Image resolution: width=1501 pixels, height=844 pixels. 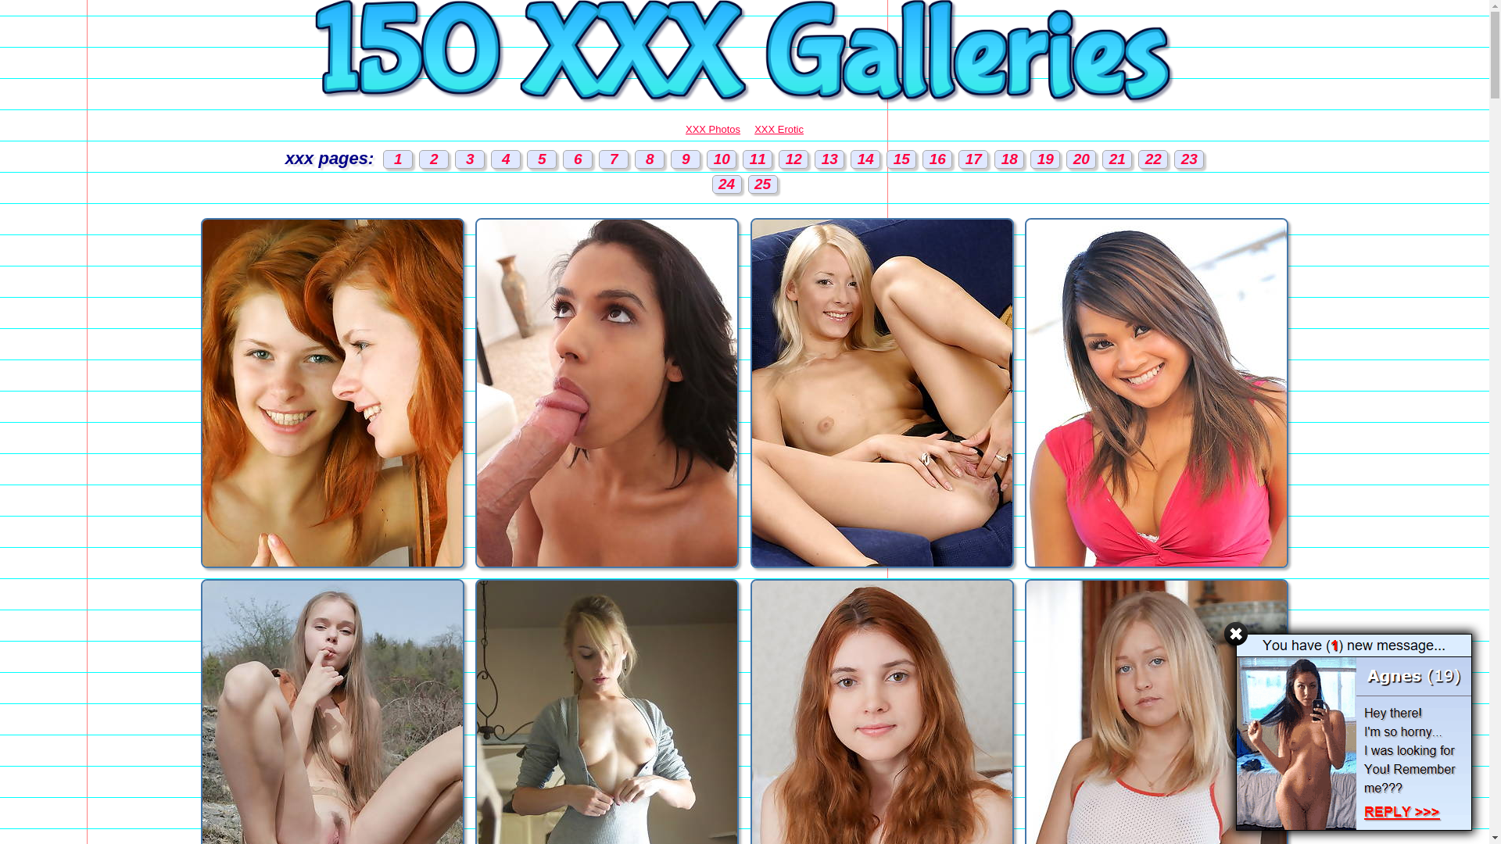 I want to click on '9', so click(x=686, y=159).